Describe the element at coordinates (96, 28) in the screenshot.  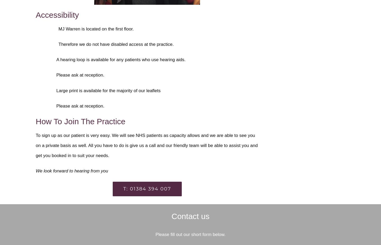
I see `'MJ Warren is located on the first floor.'` at that location.